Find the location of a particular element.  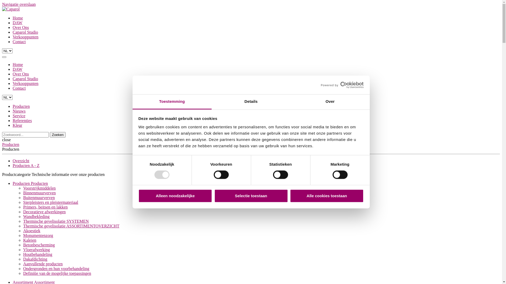

'Overzicht' is located at coordinates (21, 160).